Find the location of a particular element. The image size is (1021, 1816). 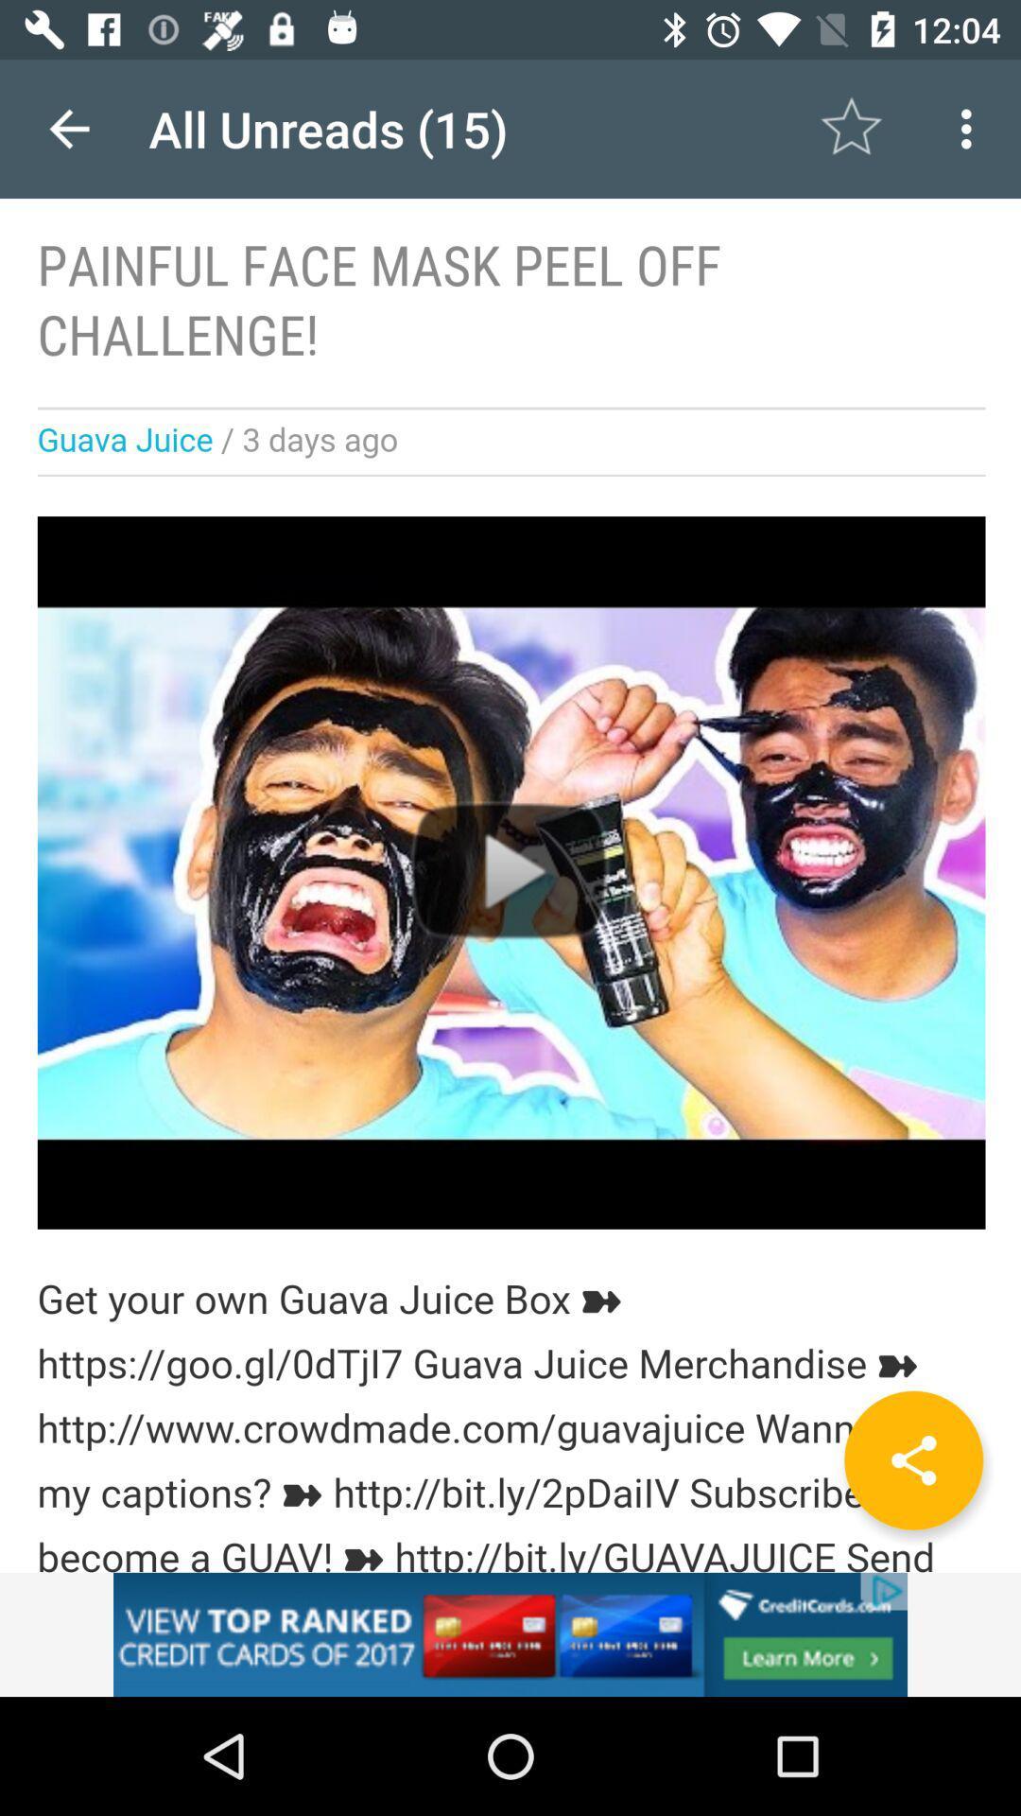

the share icon is located at coordinates (912, 1459).